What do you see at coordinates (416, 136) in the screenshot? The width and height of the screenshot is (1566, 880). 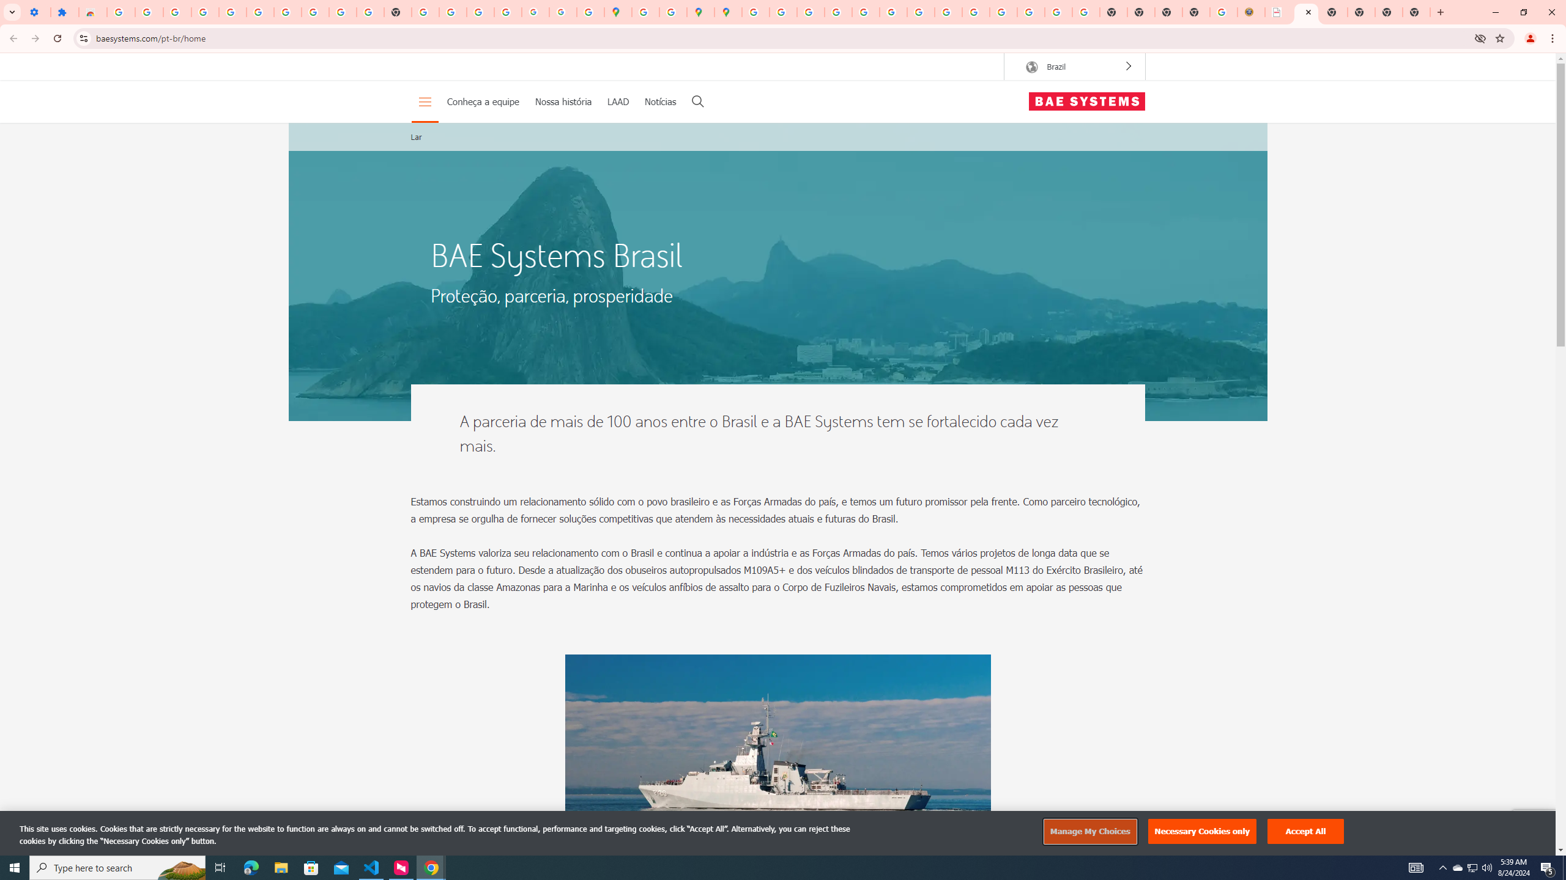 I see `'Lar'` at bounding box center [416, 136].